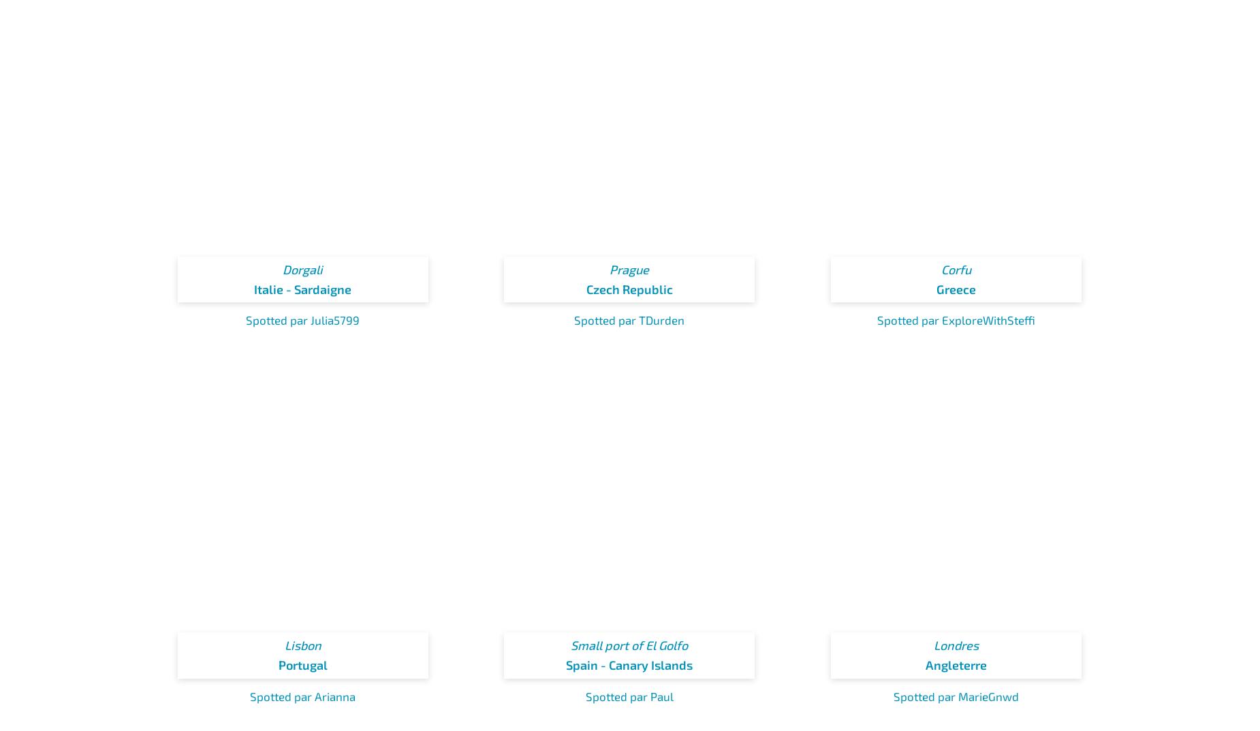 The width and height of the screenshot is (1260, 731). Describe the element at coordinates (956, 645) in the screenshot. I see `'Londres'` at that location.